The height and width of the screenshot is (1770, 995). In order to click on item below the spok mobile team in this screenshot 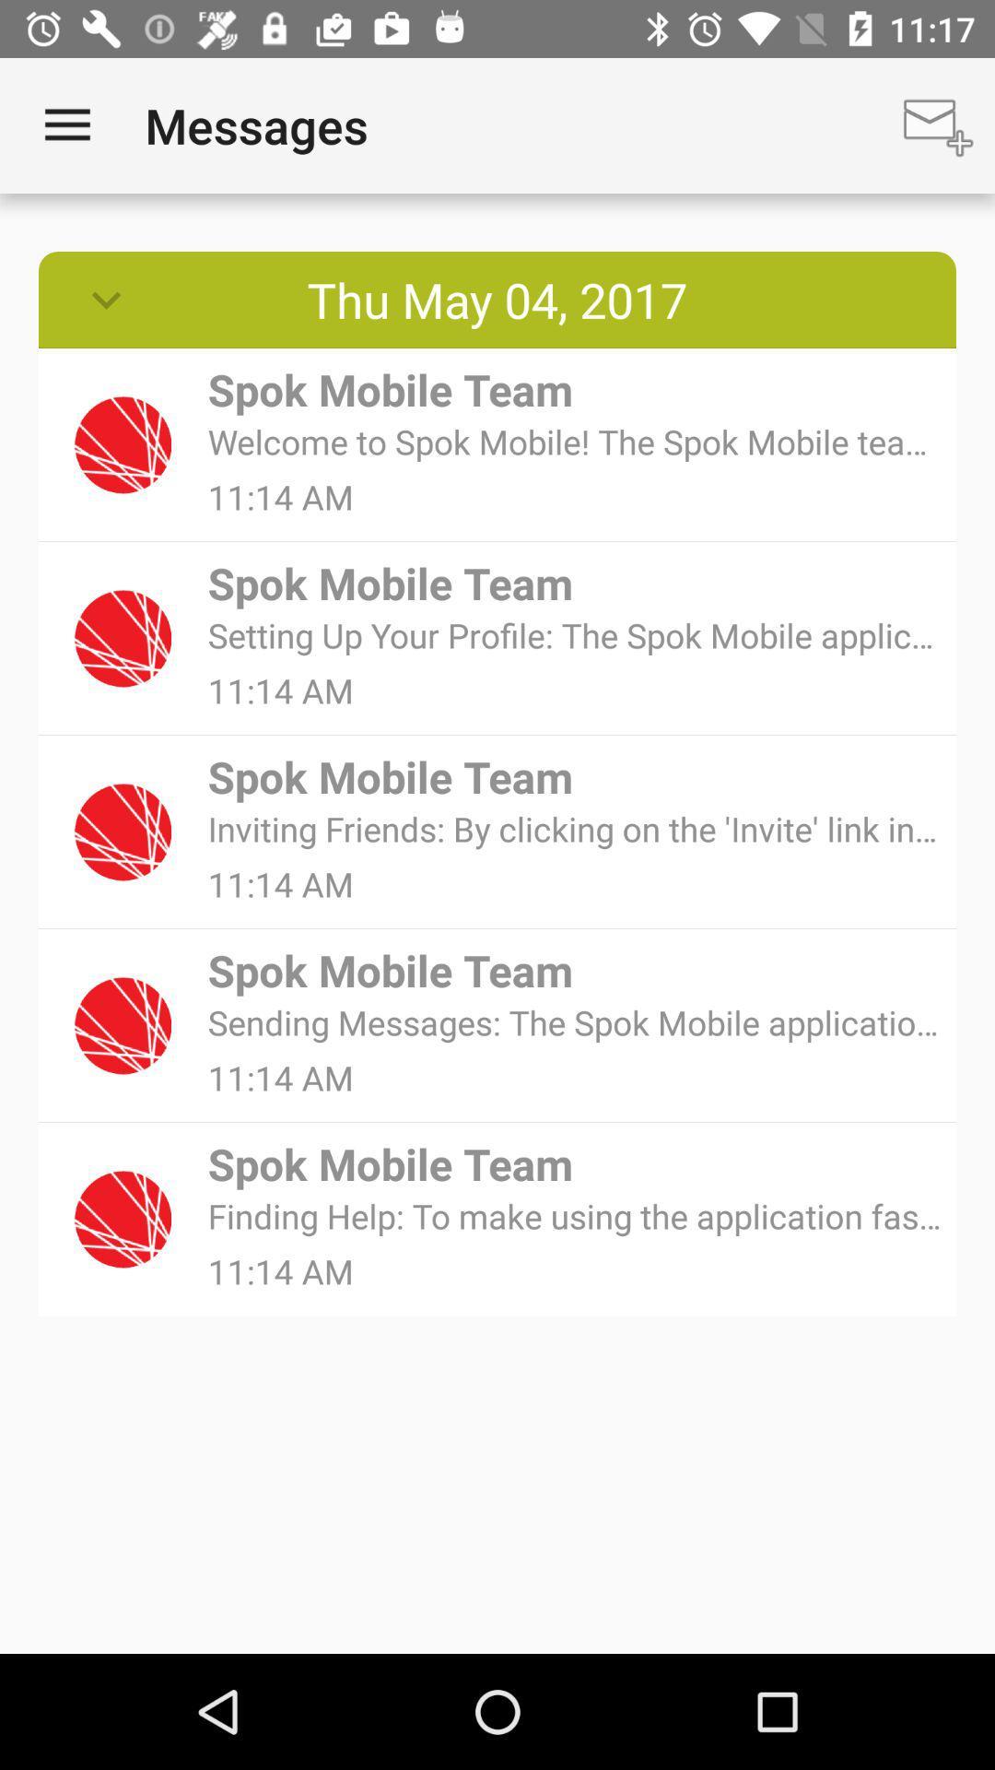, I will do `click(575, 1216)`.